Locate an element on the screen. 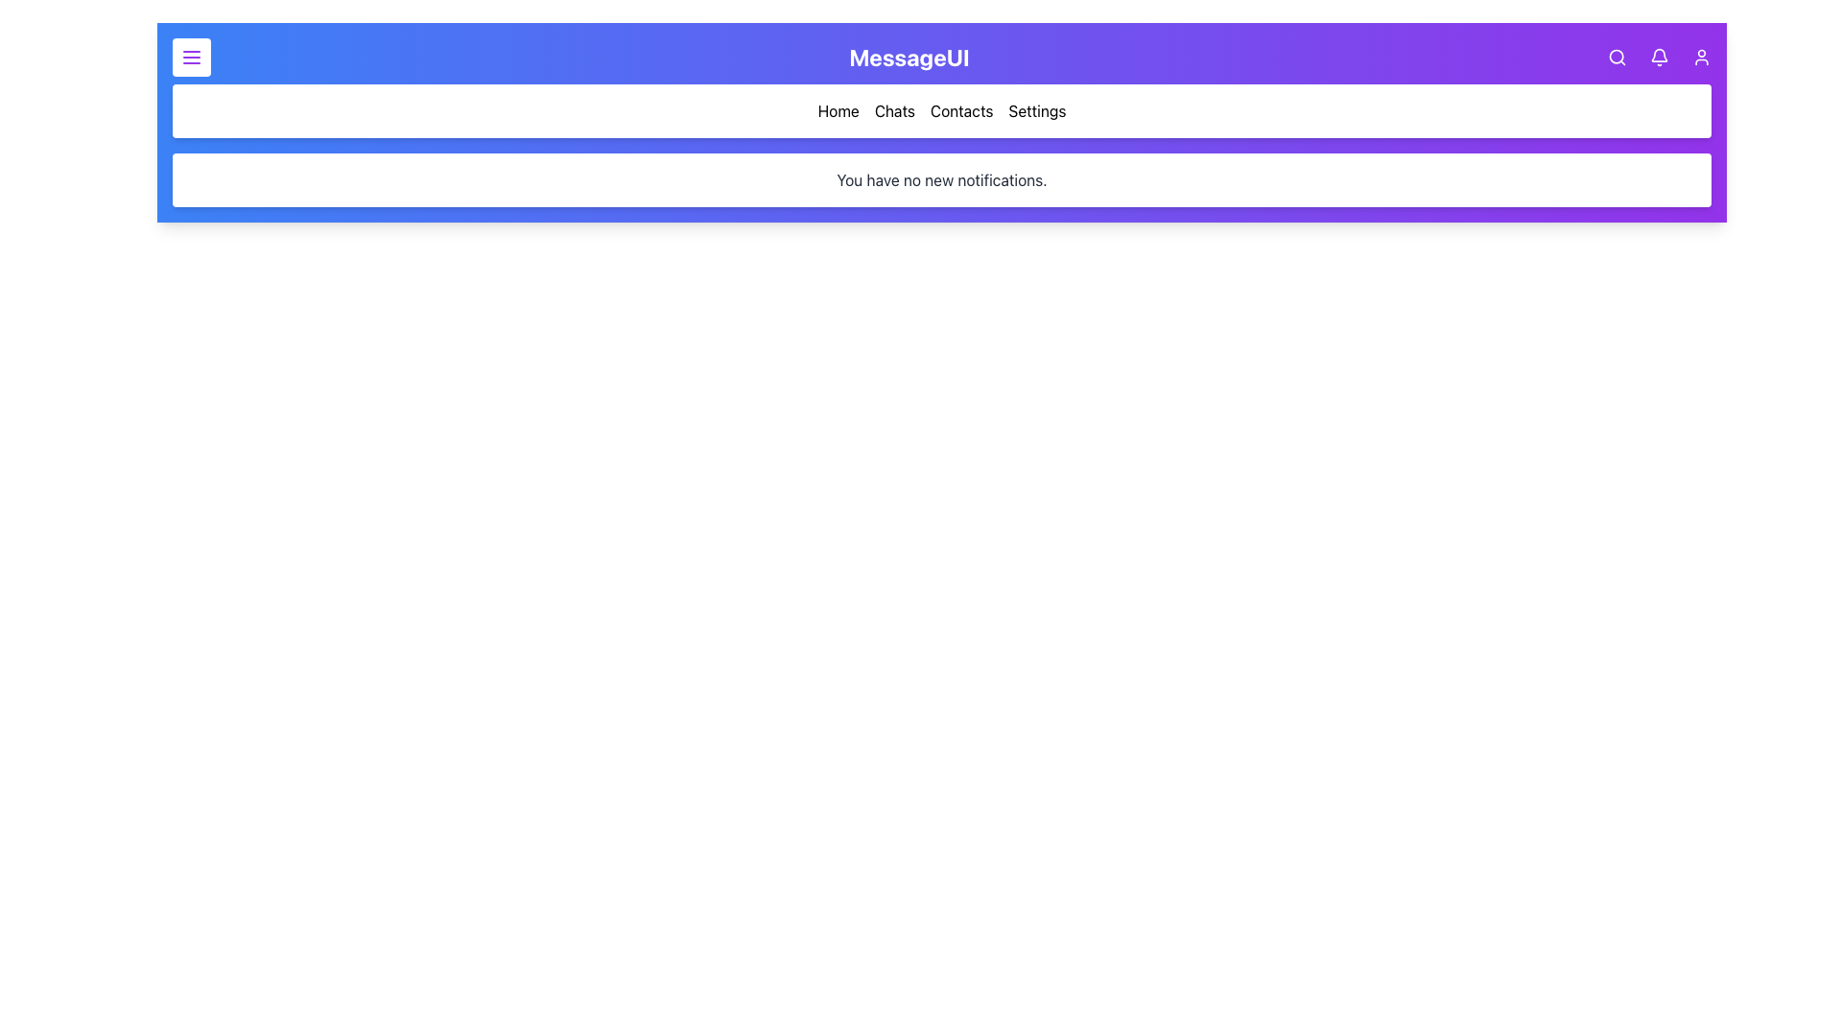  the 'Chats' navigation link is located at coordinates (892, 110).